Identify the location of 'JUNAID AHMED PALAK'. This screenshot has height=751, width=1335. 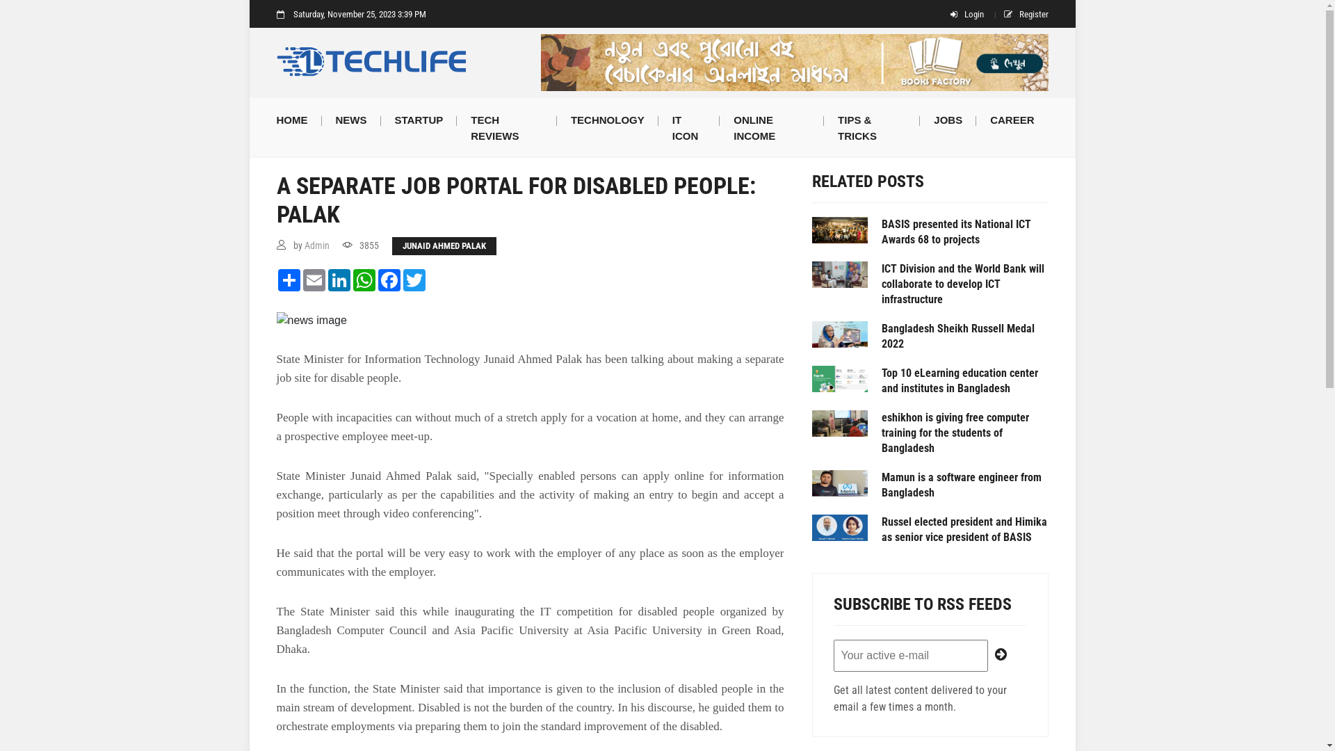
(443, 245).